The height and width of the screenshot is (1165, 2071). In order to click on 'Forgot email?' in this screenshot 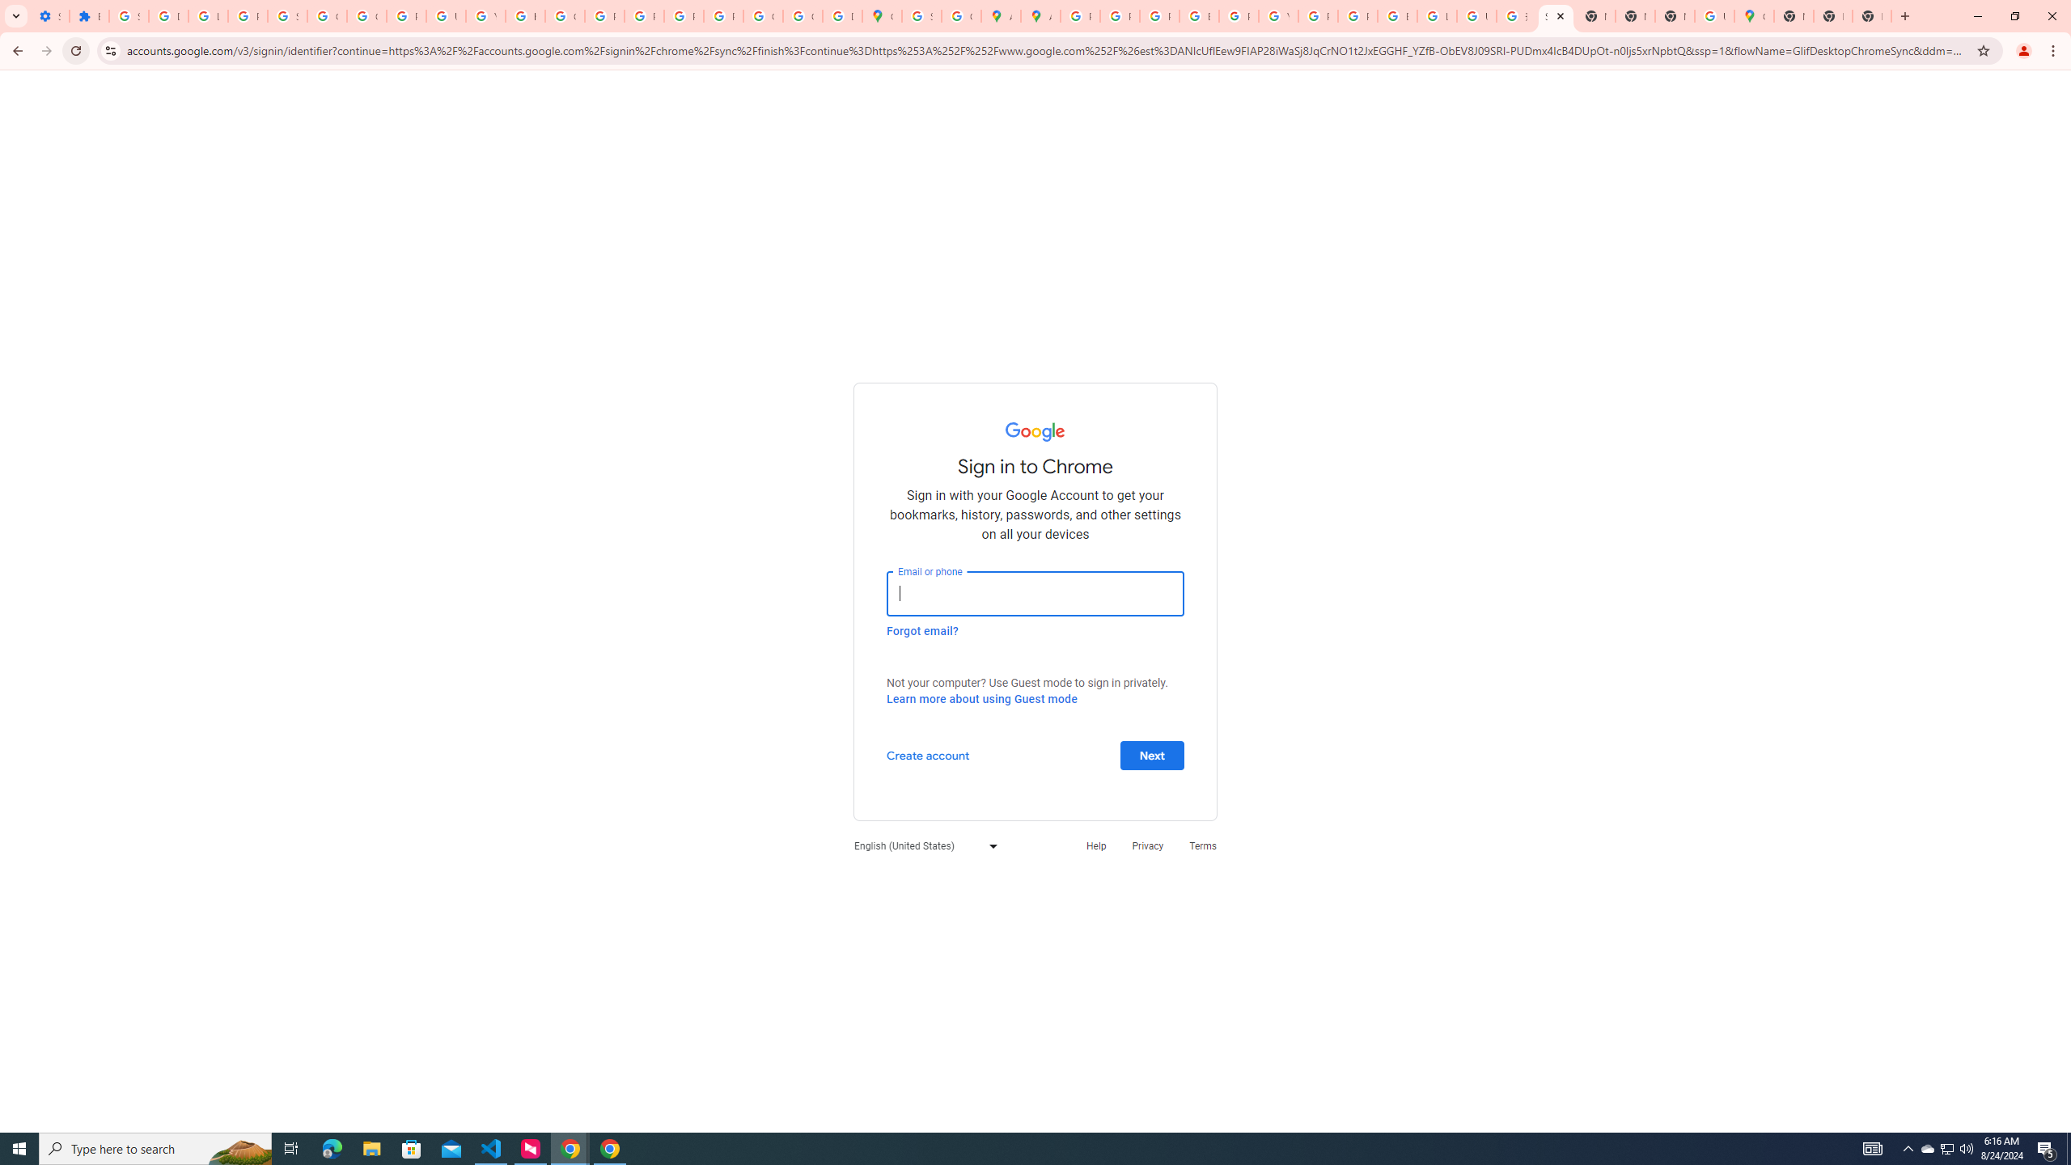, I will do `click(922, 629)`.